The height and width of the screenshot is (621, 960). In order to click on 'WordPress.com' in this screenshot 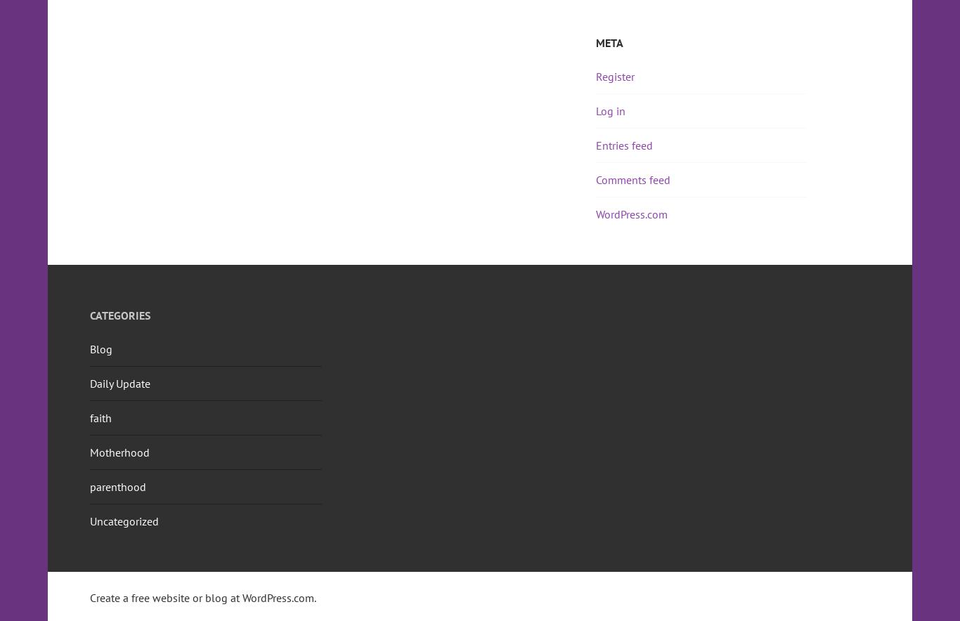, I will do `click(630, 214)`.